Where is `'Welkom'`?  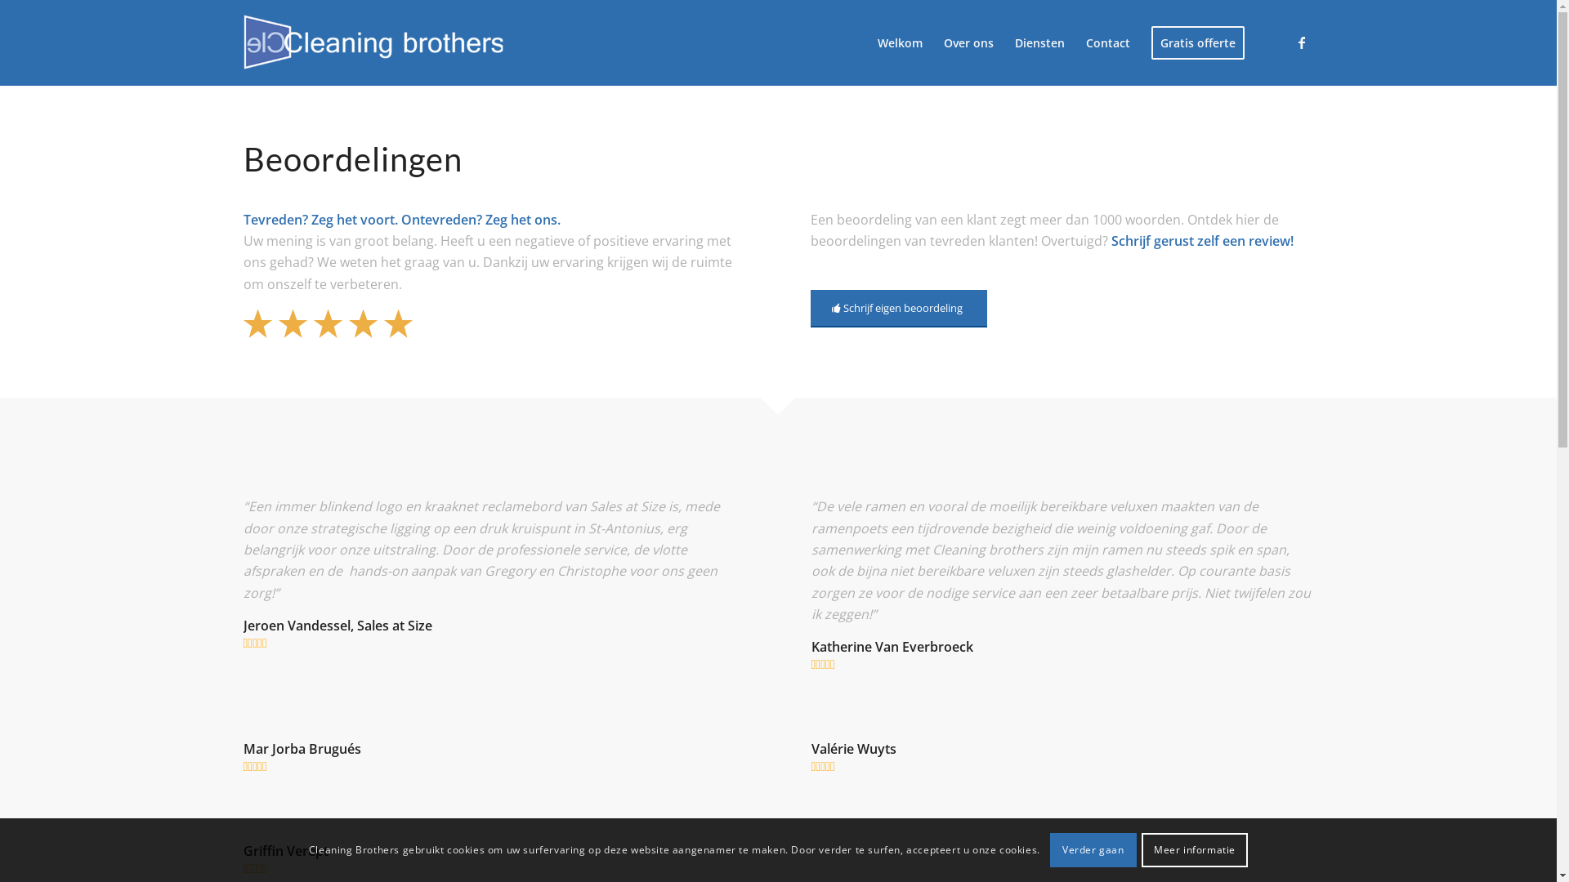
'Welkom' is located at coordinates (898, 42).